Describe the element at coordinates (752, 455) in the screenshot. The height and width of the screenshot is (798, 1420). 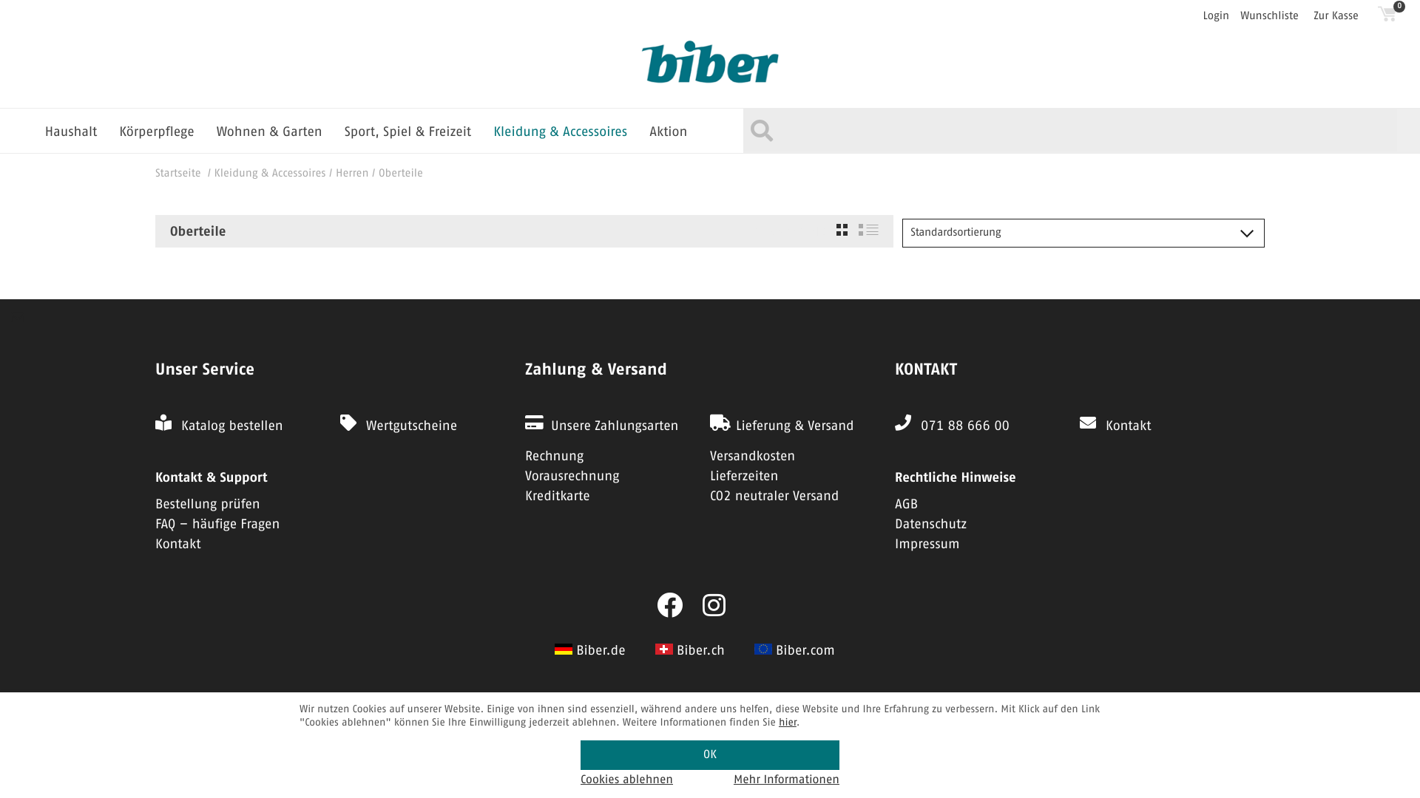
I see `'Versandkosten'` at that location.